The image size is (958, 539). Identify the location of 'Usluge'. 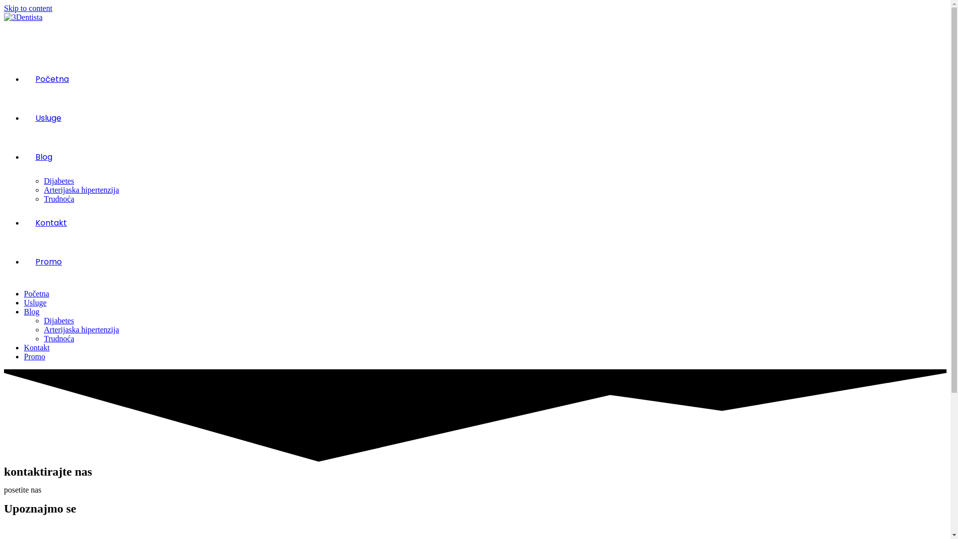
(24, 117).